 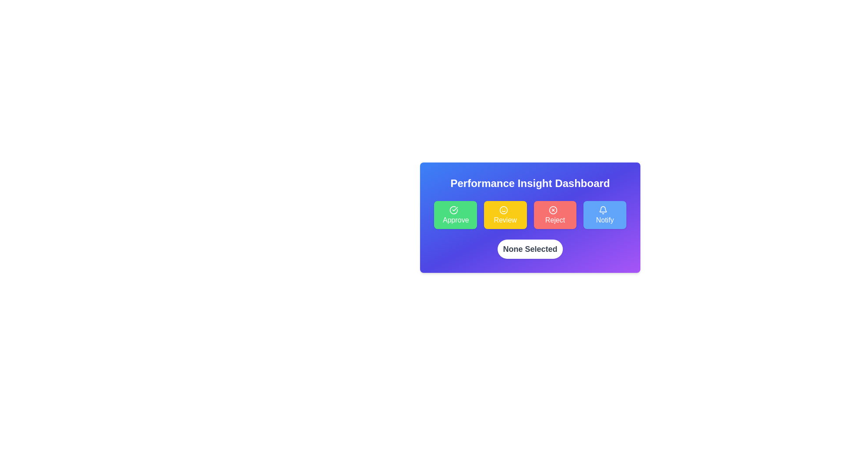 I want to click on the outer circular component of the SVG-based icon that serves as a visual boundary for additional graphical markers in the dashboard interface, so click(x=553, y=210).